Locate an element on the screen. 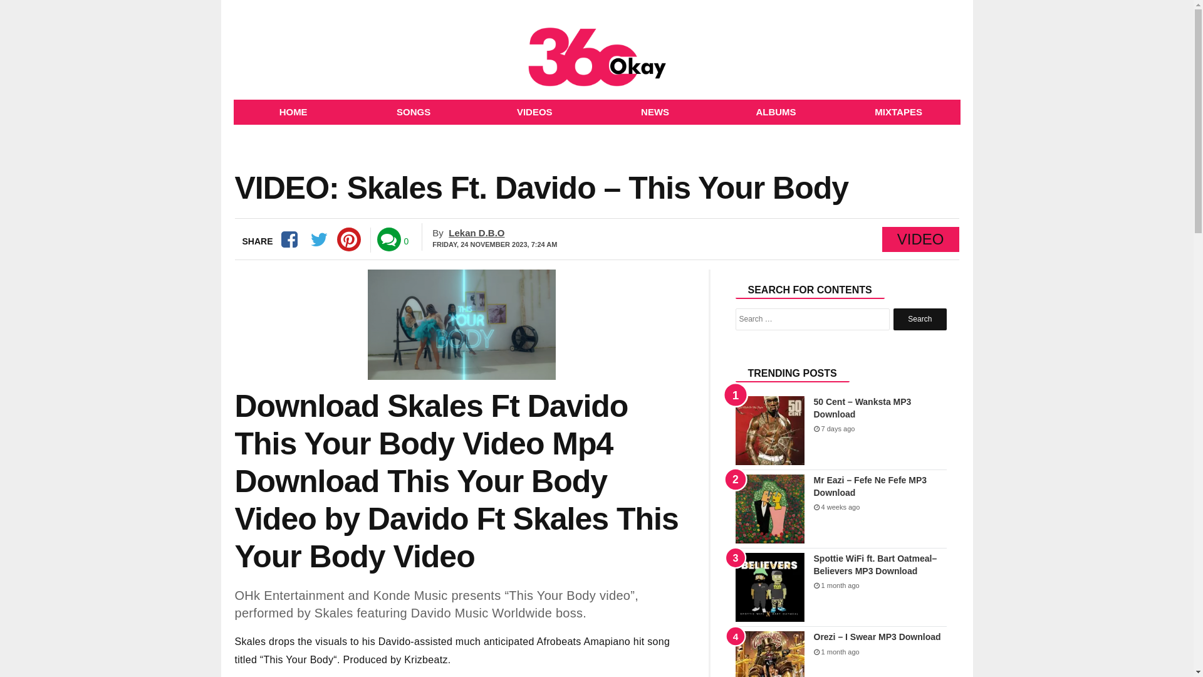 This screenshot has width=1203, height=677. 'MIXTAPES' is located at coordinates (898, 111).